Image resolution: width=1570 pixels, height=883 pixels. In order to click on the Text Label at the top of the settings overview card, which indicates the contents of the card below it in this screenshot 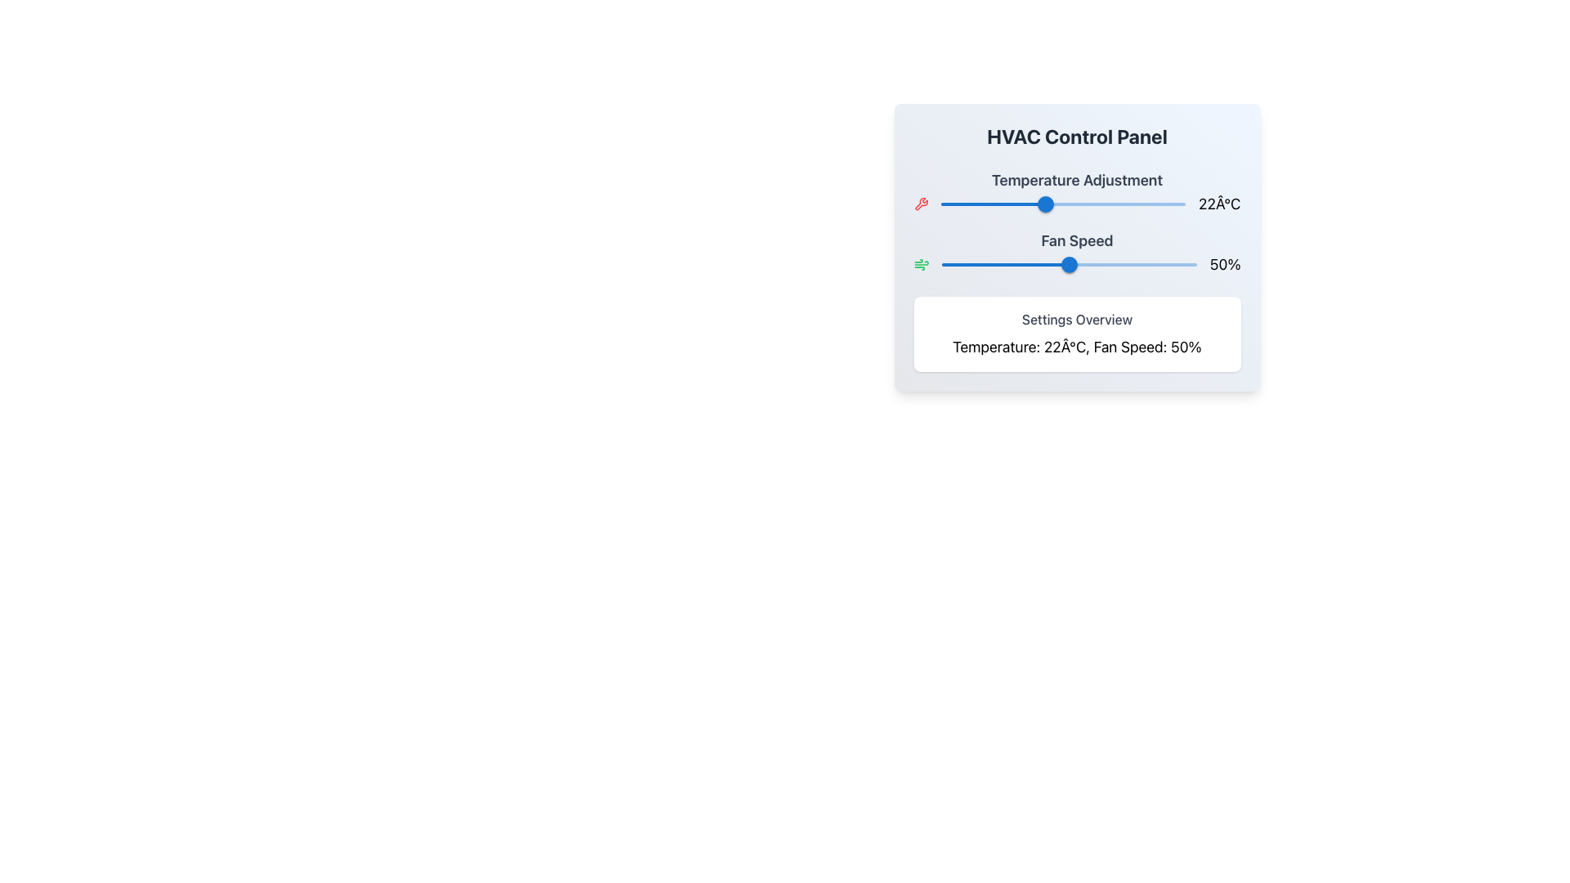, I will do `click(1077, 319)`.